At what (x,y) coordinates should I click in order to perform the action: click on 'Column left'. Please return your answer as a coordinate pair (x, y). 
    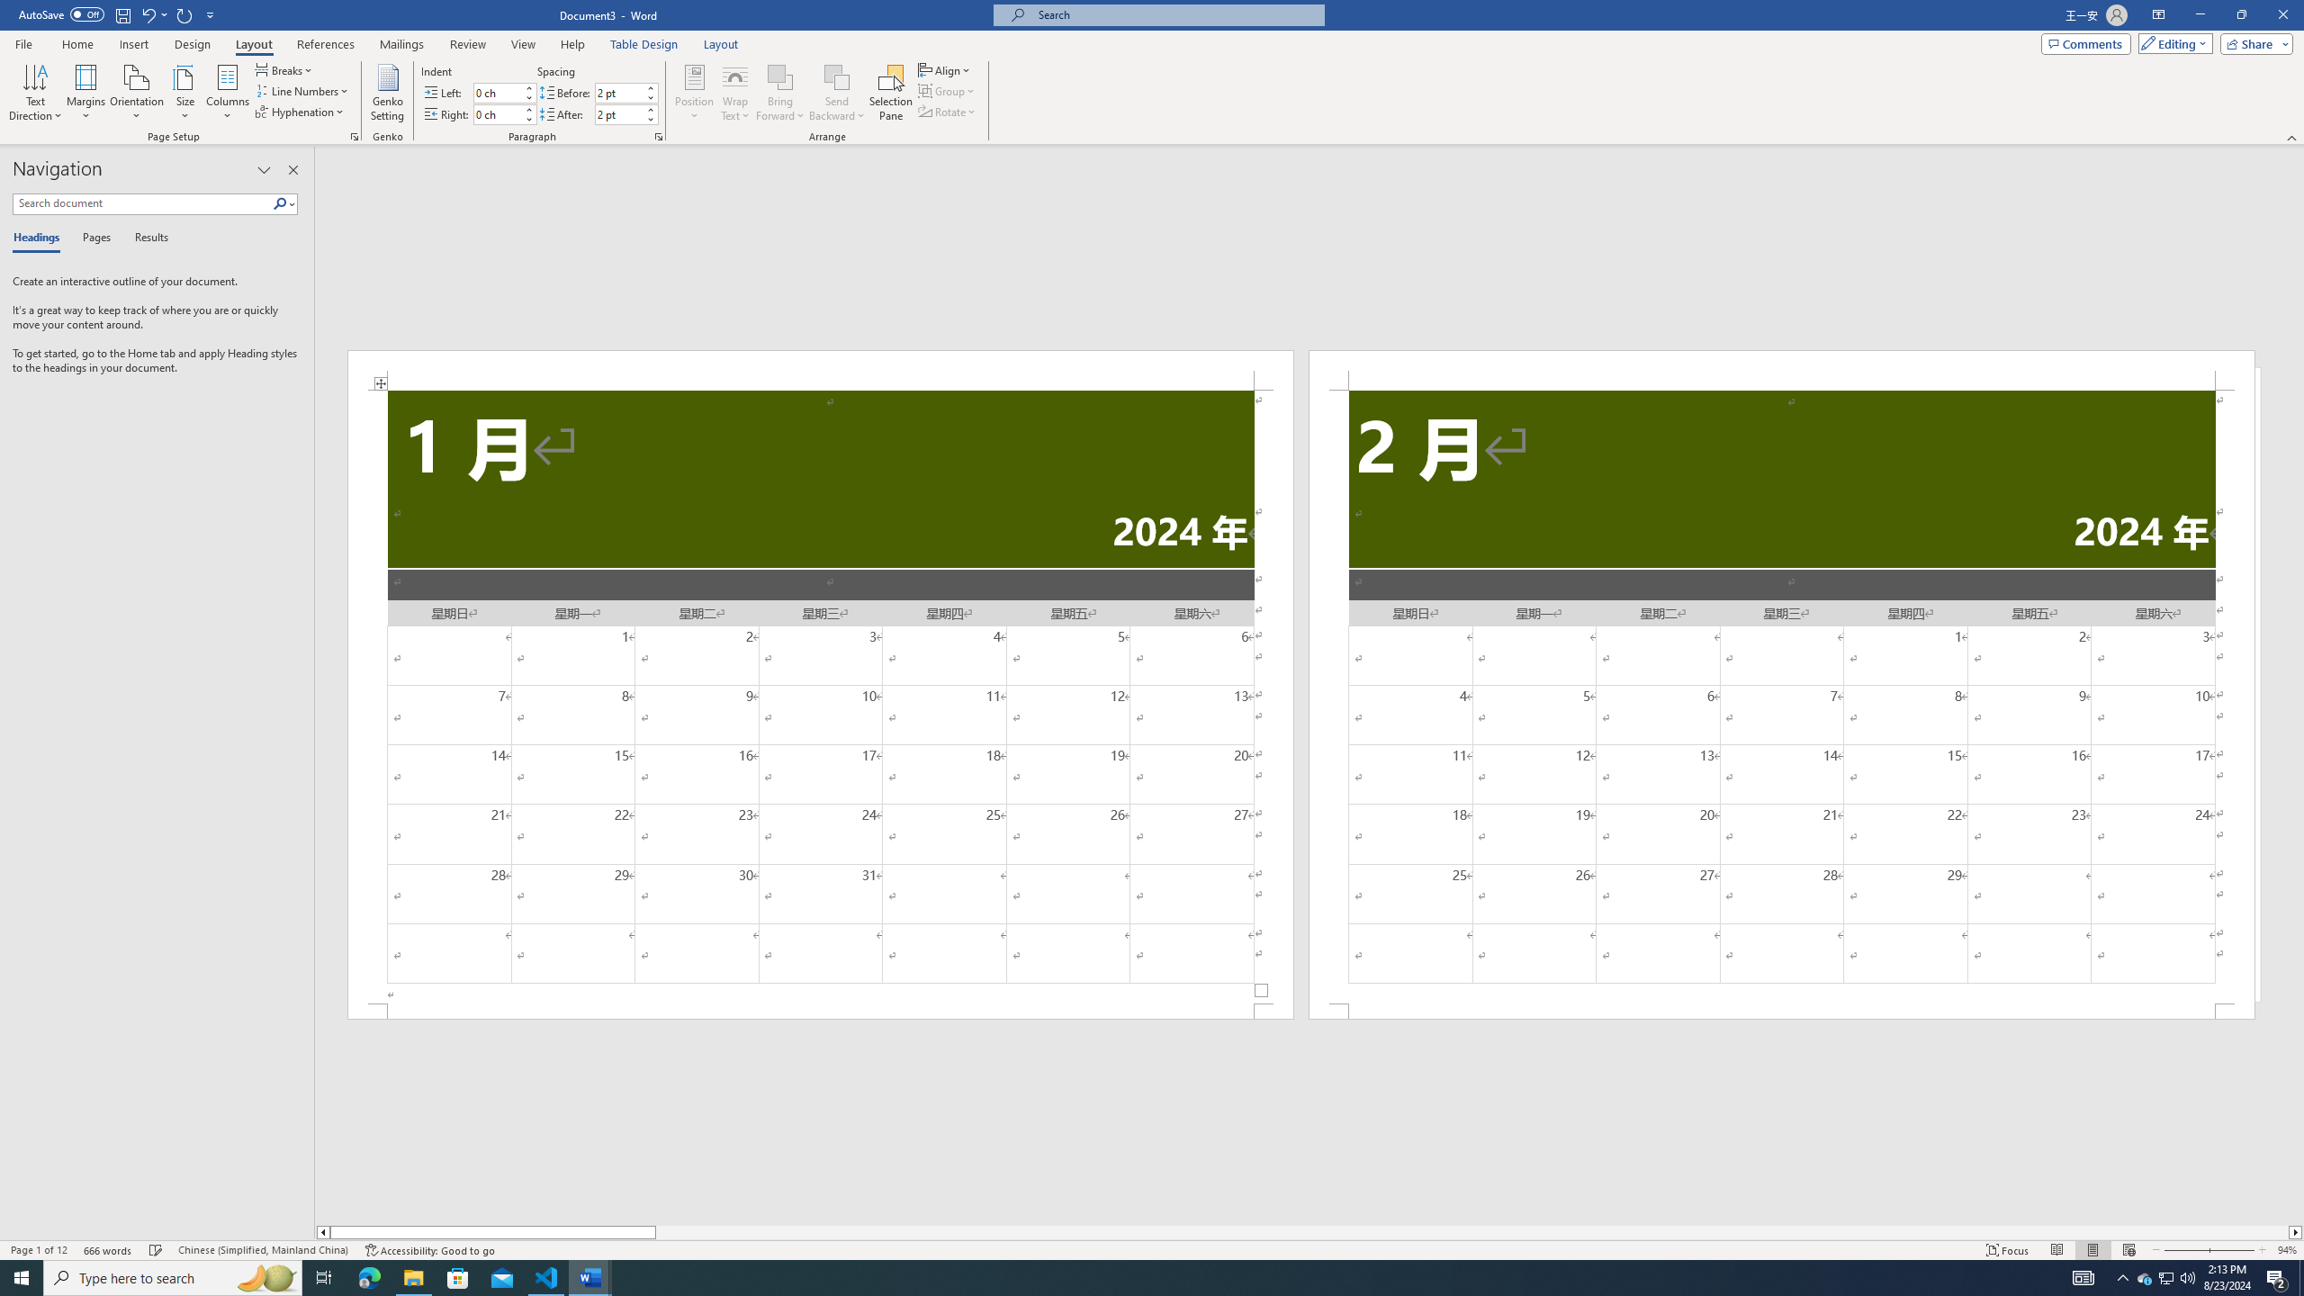
    Looking at the image, I should click on (322, 1231).